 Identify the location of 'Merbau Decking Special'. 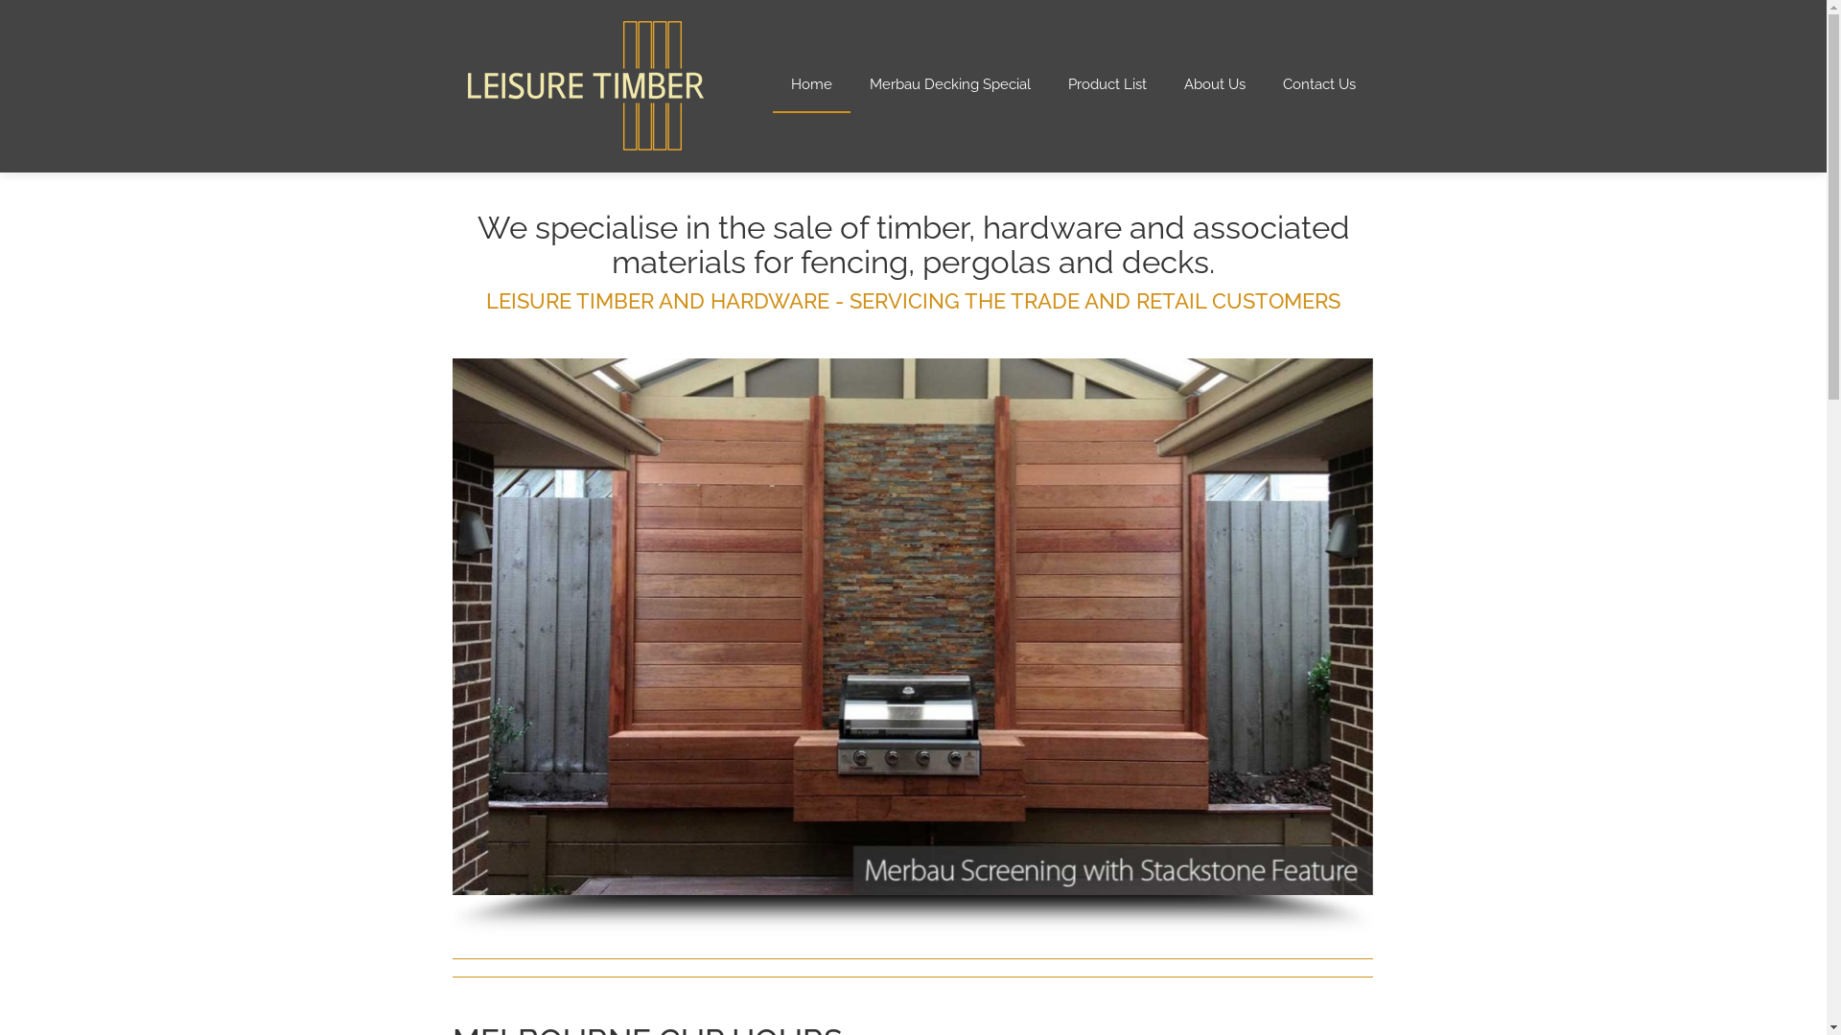
(851, 83).